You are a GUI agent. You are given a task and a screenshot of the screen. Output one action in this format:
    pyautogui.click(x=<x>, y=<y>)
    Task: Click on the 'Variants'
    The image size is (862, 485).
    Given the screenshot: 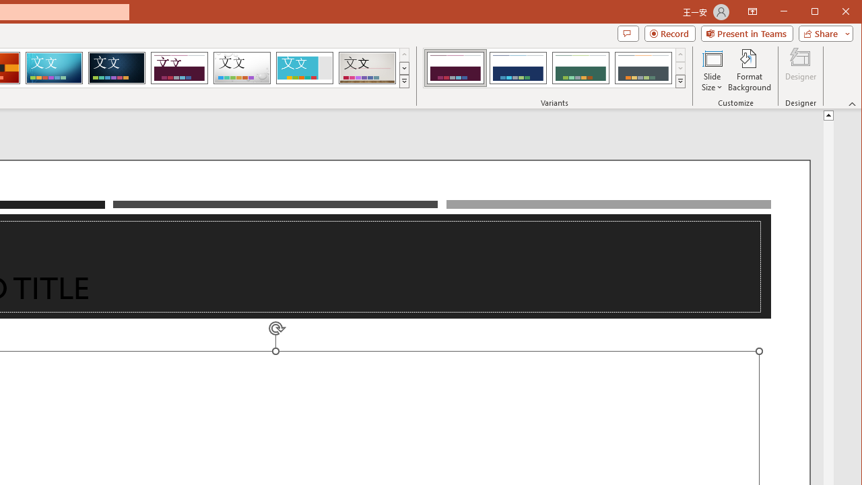 What is the action you would take?
    pyautogui.click(x=680, y=81)
    